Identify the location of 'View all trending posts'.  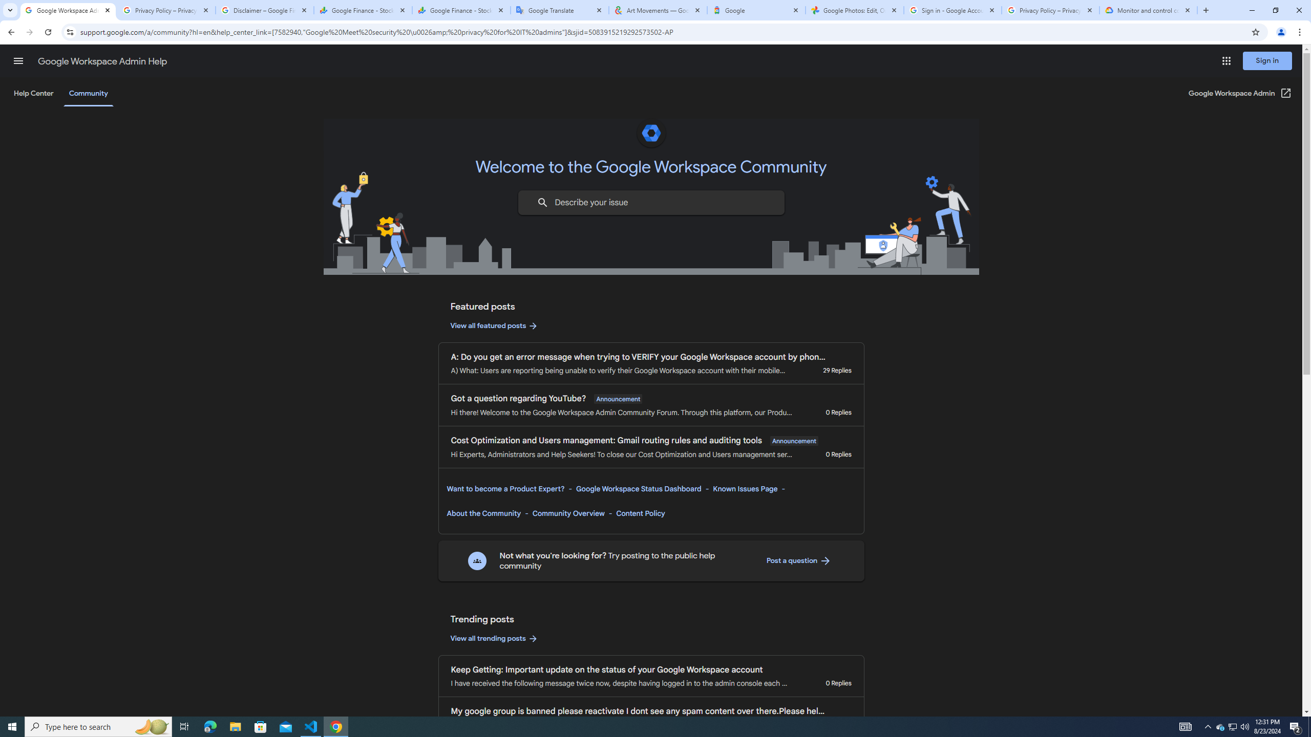
(494, 638).